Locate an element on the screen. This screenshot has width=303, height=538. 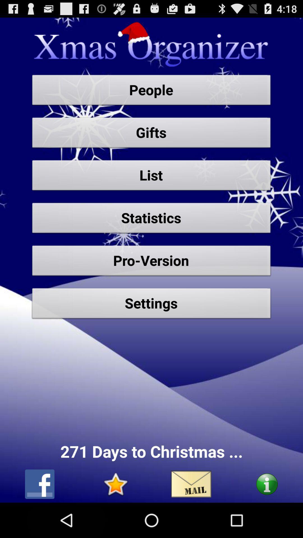
the info icon is located at coordinates (267, 518).